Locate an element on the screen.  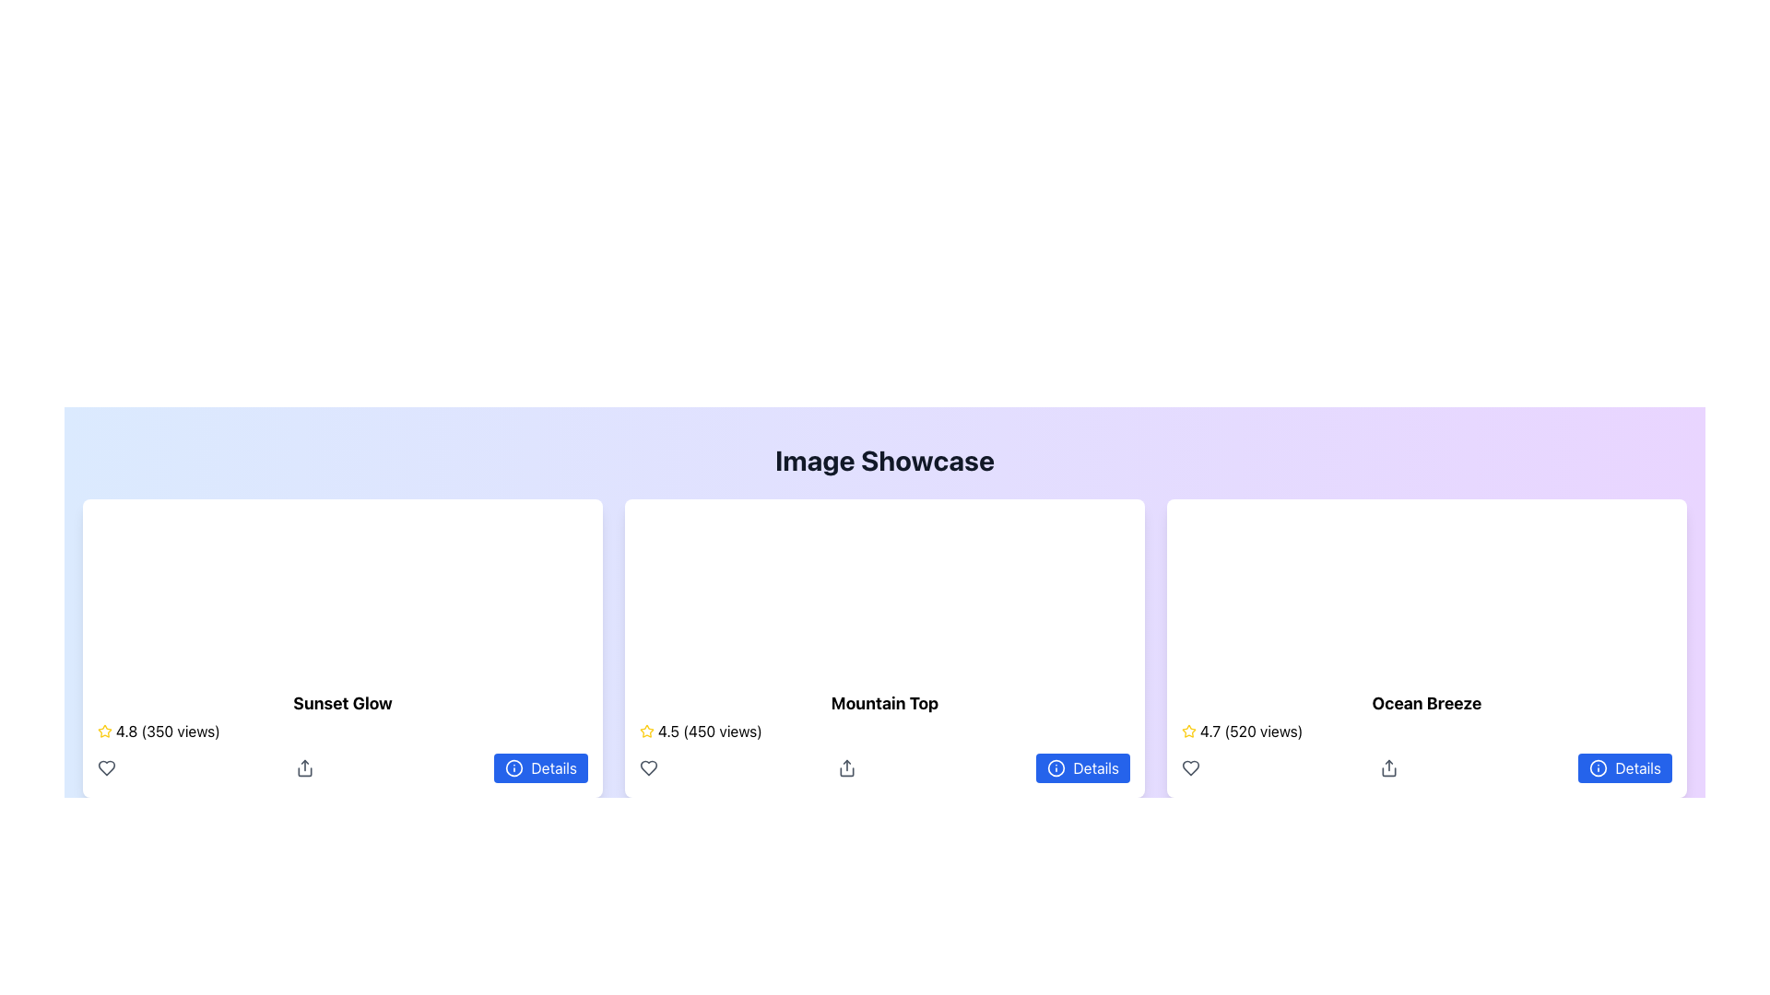
the heart icon located in the third image card labeled 'Ocean Breeze', positioned below the rating text and above the social sharing icon is located at coordinates (1190, 767).